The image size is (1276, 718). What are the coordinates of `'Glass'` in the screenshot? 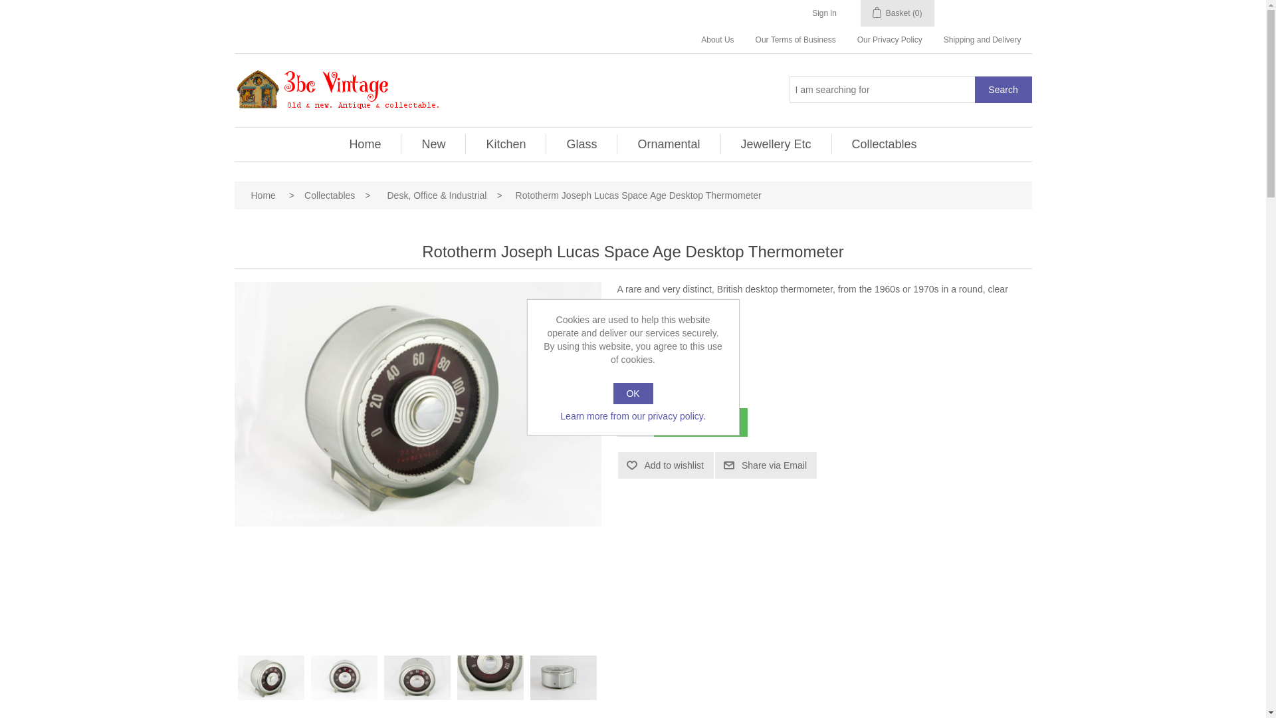 It's located at (581, 144).